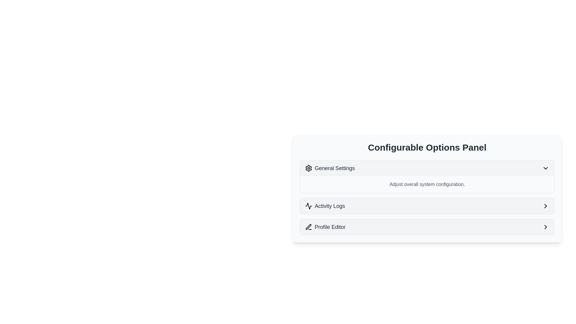  What do you see at coordinates (334, 168) in the screenshot?
I see `the 'General Settings' text label, which is displayed in medium-sized gray font within the 'Configurable Options Panel'` at bounding box center [334, 168].